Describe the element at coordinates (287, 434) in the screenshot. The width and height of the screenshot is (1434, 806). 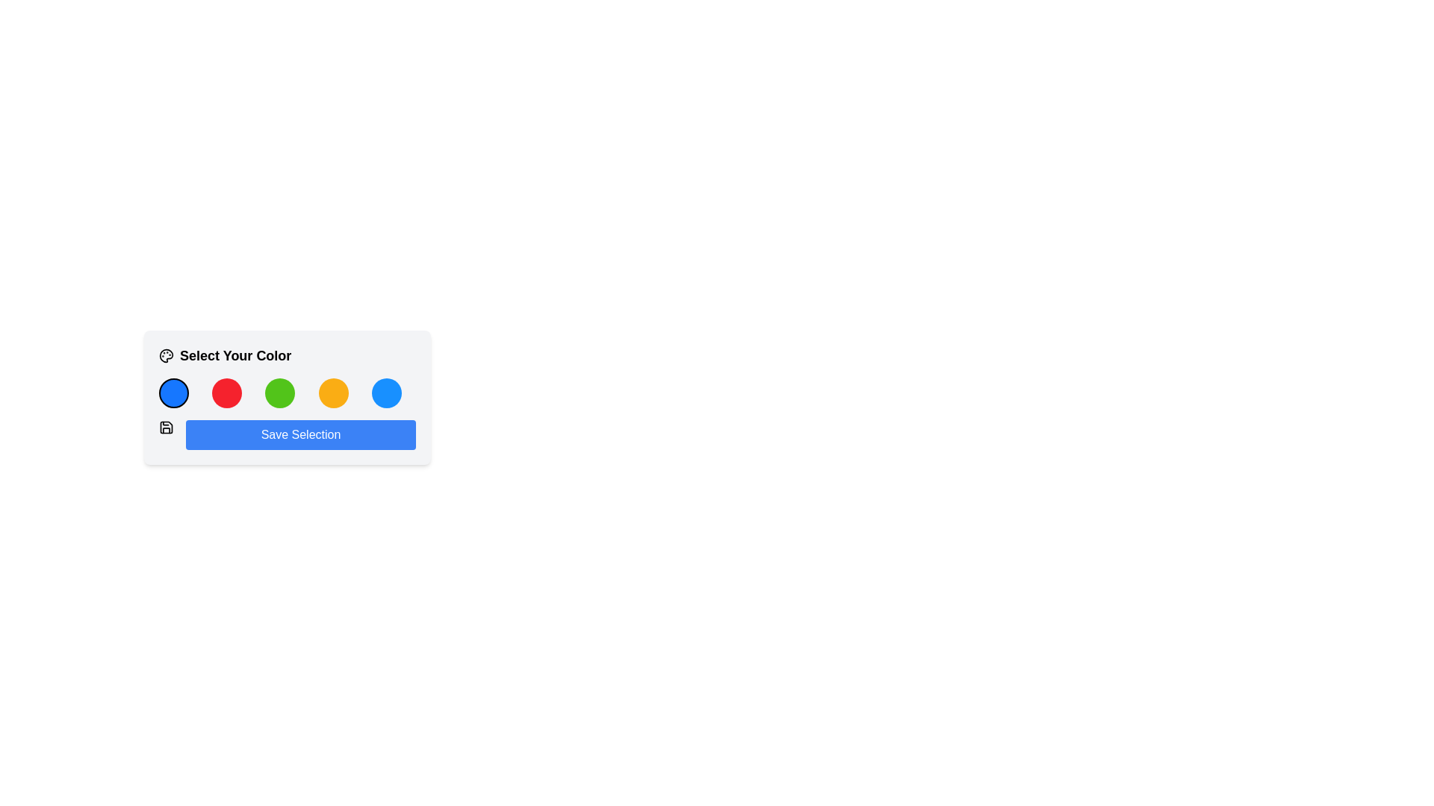
I see `the rectangular blue button labeled 'Save Selection' with a floppy disk icon` at that location.